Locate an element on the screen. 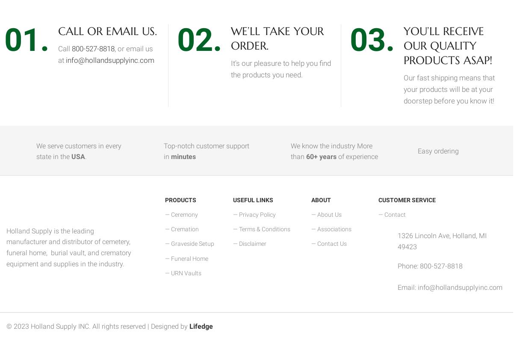 Image resolution: width=514 pixels, height=339 pixels. 'Customer Service' is located at coordinates (378, 199).